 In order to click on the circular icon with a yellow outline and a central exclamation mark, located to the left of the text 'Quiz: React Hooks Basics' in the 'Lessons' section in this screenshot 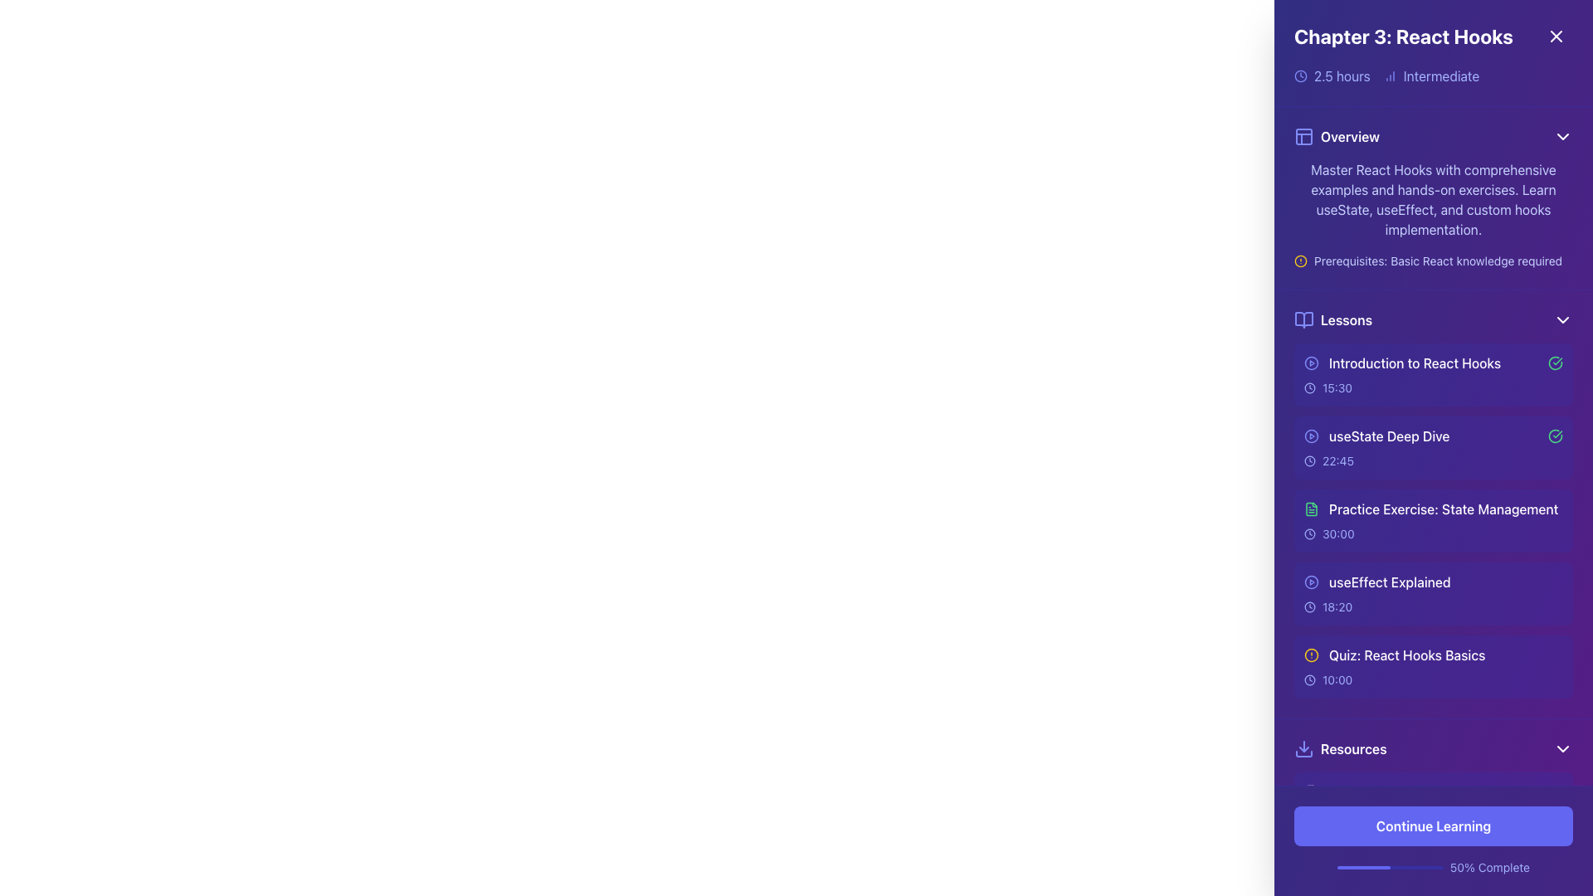, I will do `click(1310, 655)`.